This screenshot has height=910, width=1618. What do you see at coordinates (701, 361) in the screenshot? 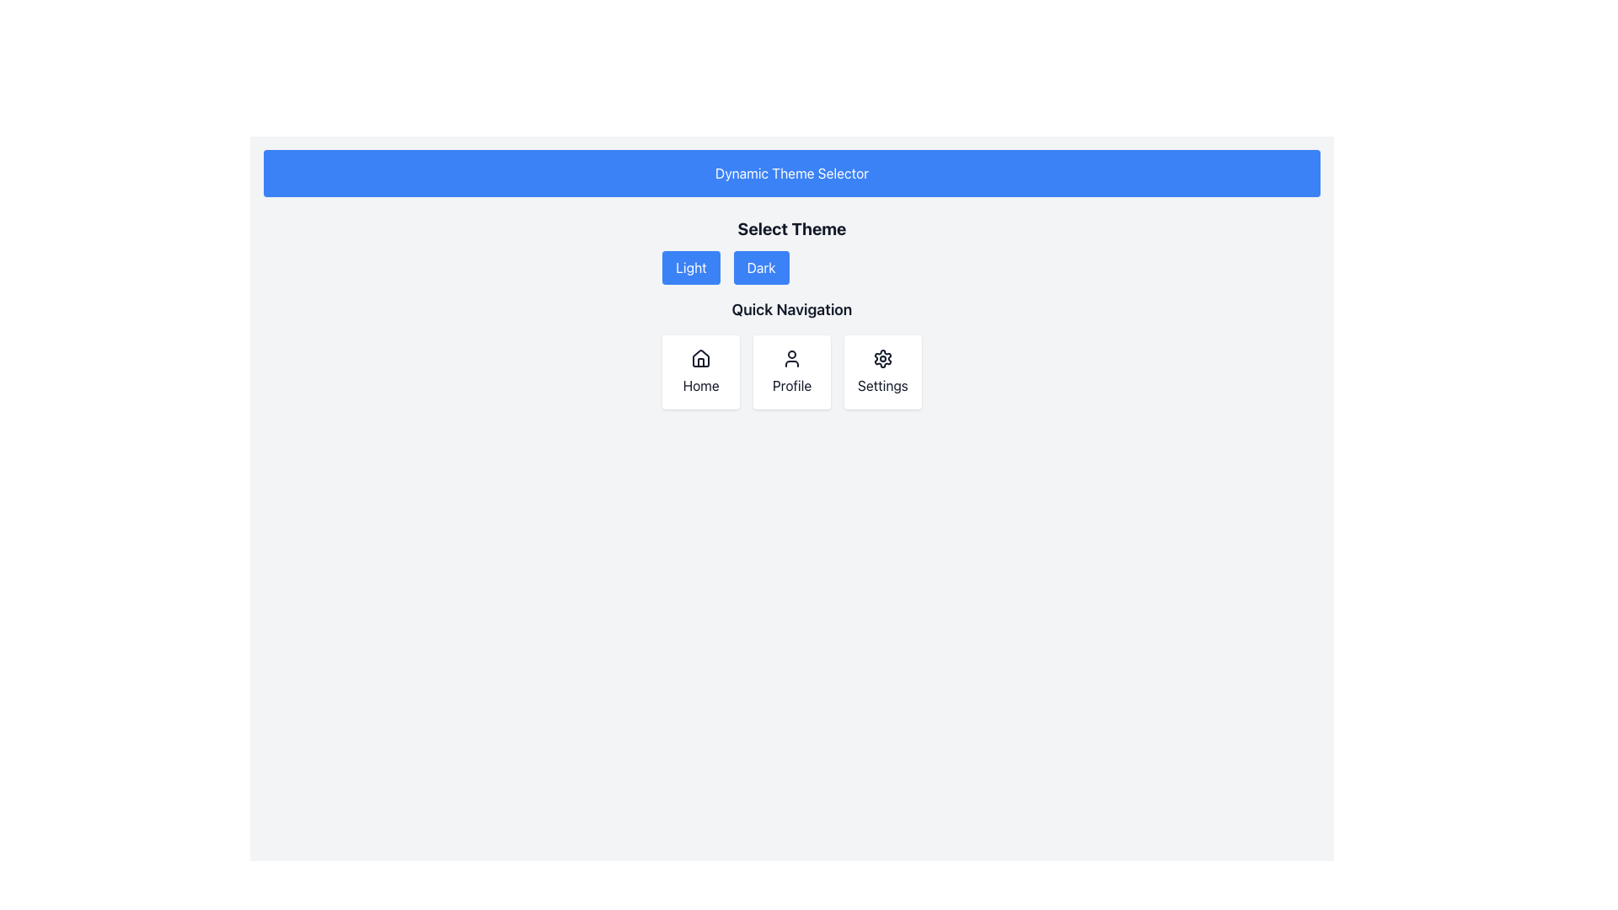
I see `the 'Home' button by clicking on the door element, which is a vertical rectangular shape located inside the house icon in the 'Quick Navigation' group` at bounding box center [701, 361].